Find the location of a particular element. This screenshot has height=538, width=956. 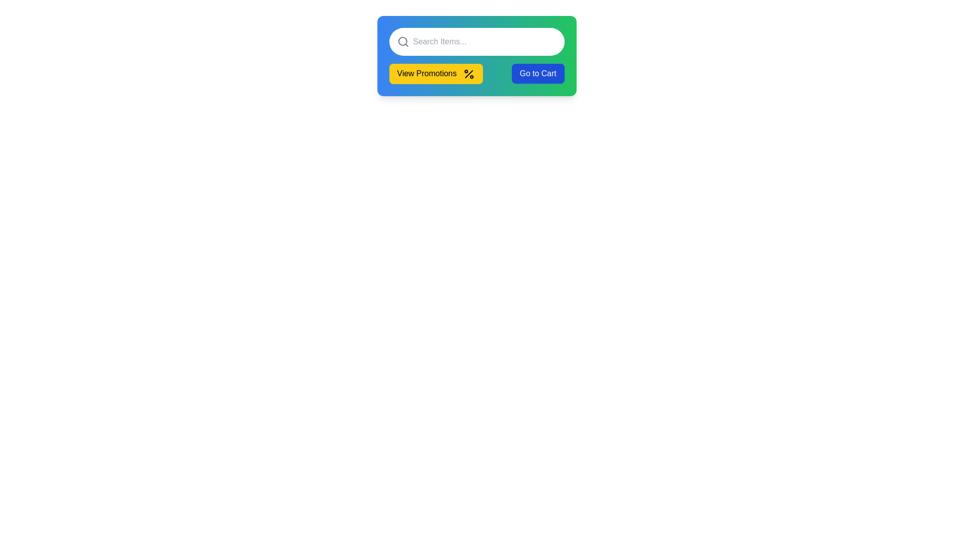

the gray magnifying glass icon located to the left of the 'Search Items...' placeholder in the search bar is located at coordinates (403, 41).